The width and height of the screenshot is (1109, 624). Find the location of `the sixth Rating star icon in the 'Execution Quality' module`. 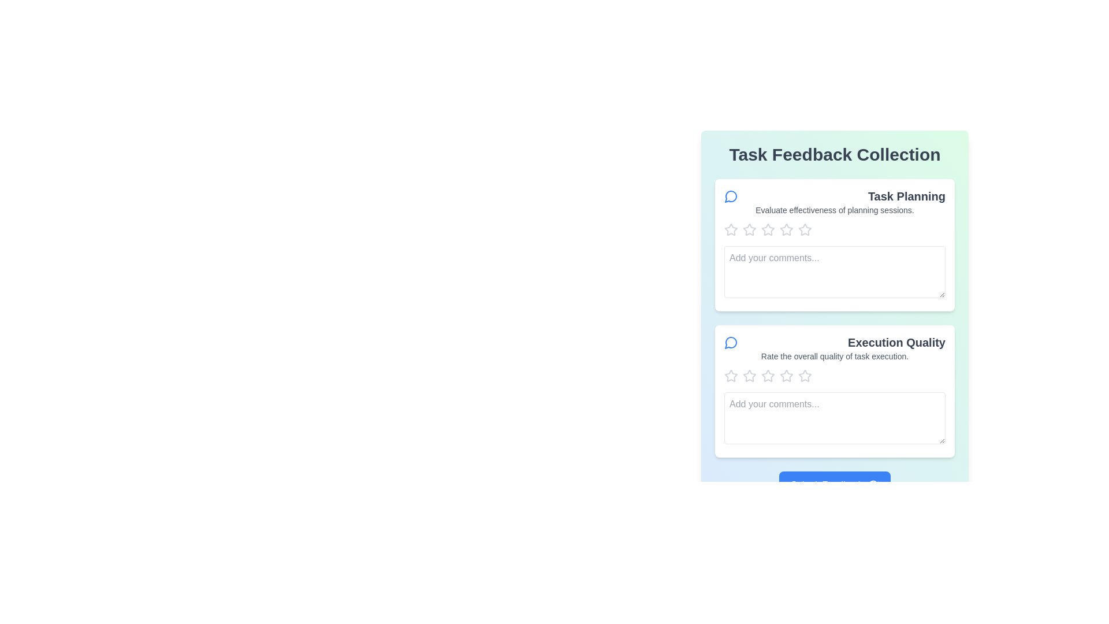

the sixth Rating star icon in the 'Execution Quality' module is located at coordinates (786, 376).